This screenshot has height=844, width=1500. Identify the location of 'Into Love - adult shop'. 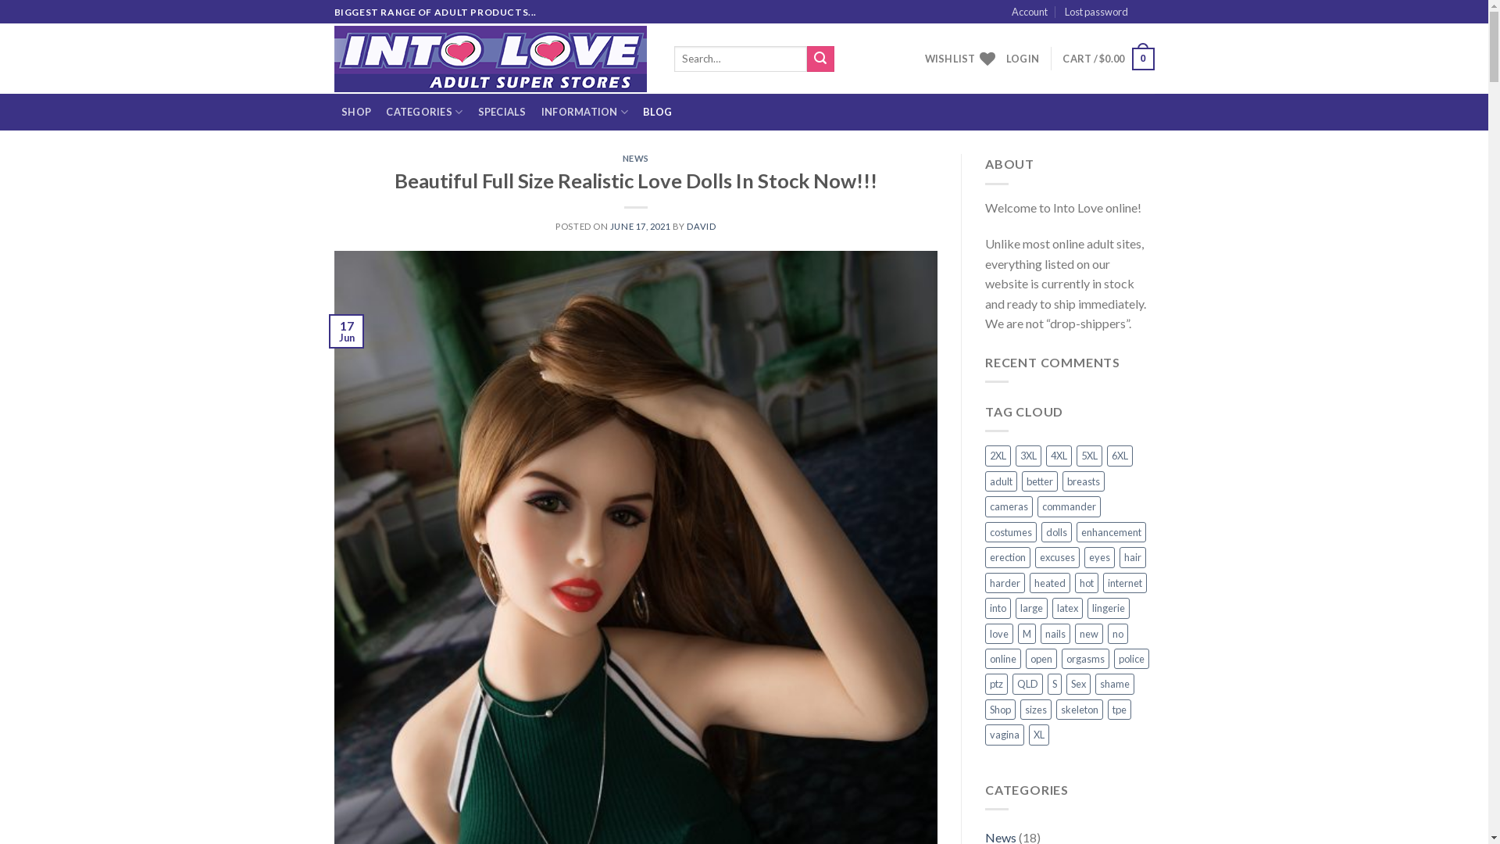
(491, 58).